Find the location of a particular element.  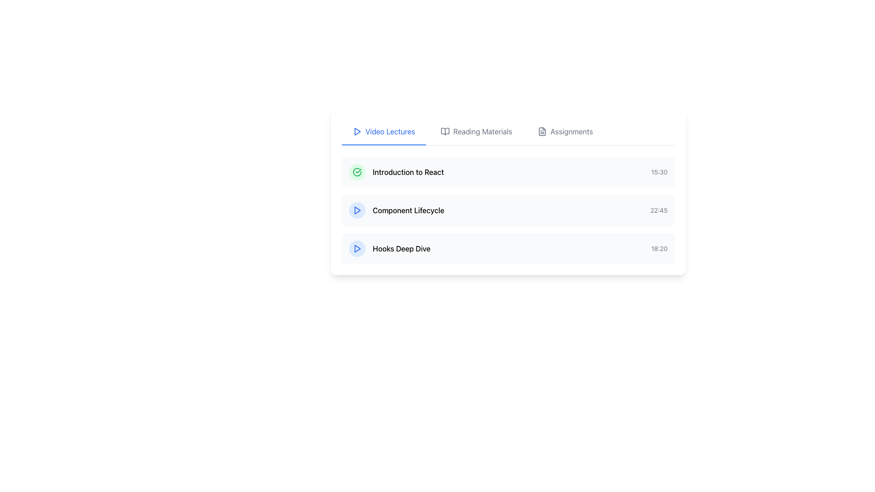

the circular play button with a light blue background and blue 'play' icon is located at coordinates (356, 249).